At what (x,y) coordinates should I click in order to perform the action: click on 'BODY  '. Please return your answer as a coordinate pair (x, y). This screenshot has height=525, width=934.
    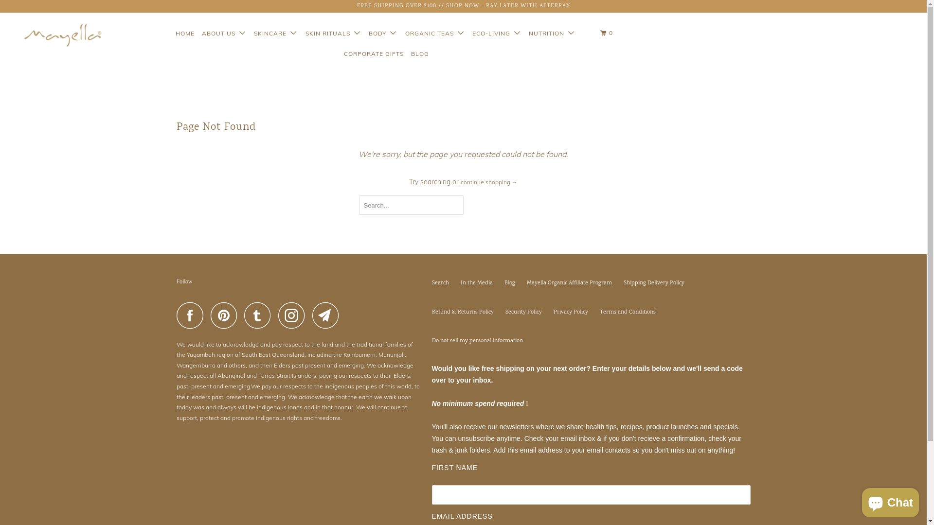
    Looking at the image, I should click on (382, 33).